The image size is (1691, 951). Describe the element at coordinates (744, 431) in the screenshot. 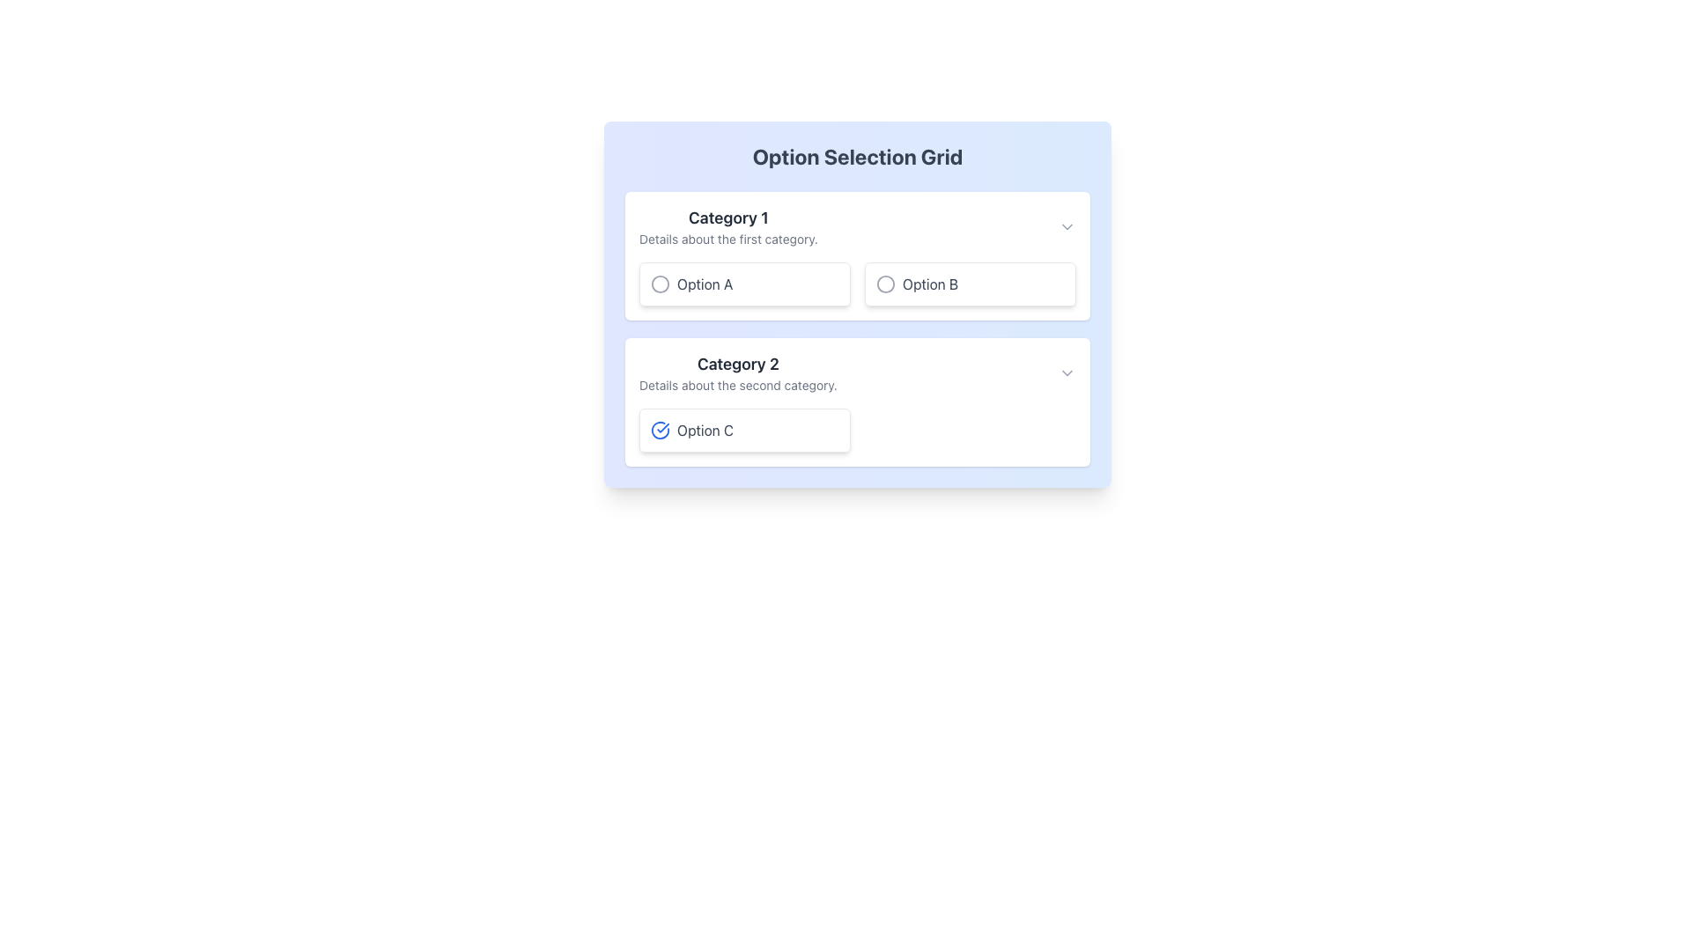

I see `the interactive button for 'Option C' in the 'Category 2' section of the choice grid to trigger hover effects` at that location.